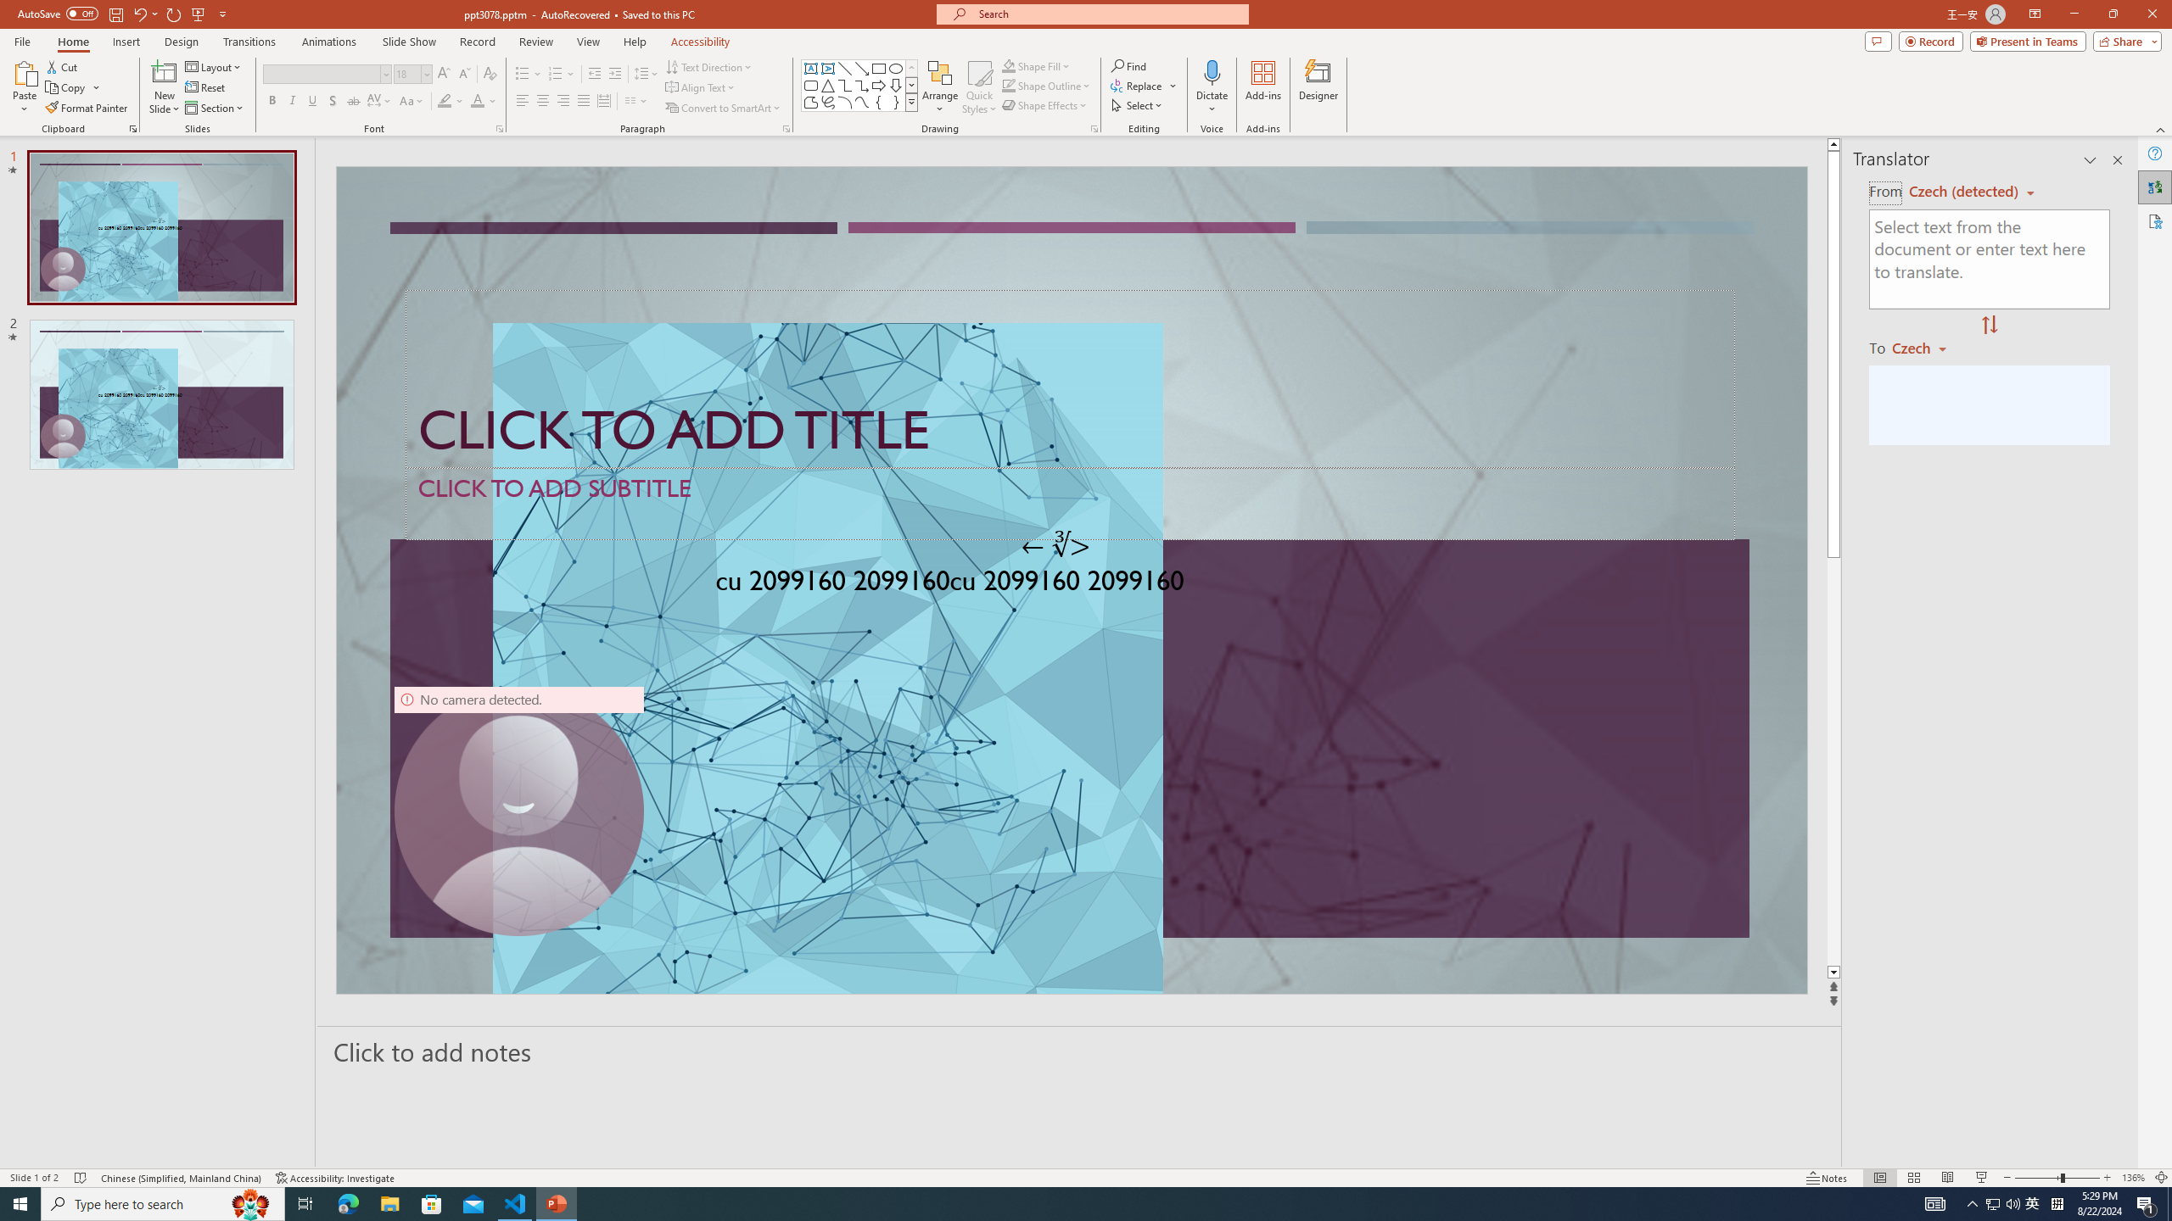 This screenshot has width=2172, height=1221. Describe the element at coordinates (463, 74) in the screenshot. I see `'Decrease Font Size'` at that location.